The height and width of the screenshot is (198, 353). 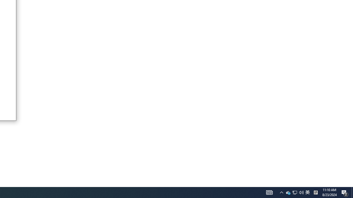 What do you see at coordinates (352, 192) in the screenshot?
I see `'Show desktop'` at bounding box center [352, 192].